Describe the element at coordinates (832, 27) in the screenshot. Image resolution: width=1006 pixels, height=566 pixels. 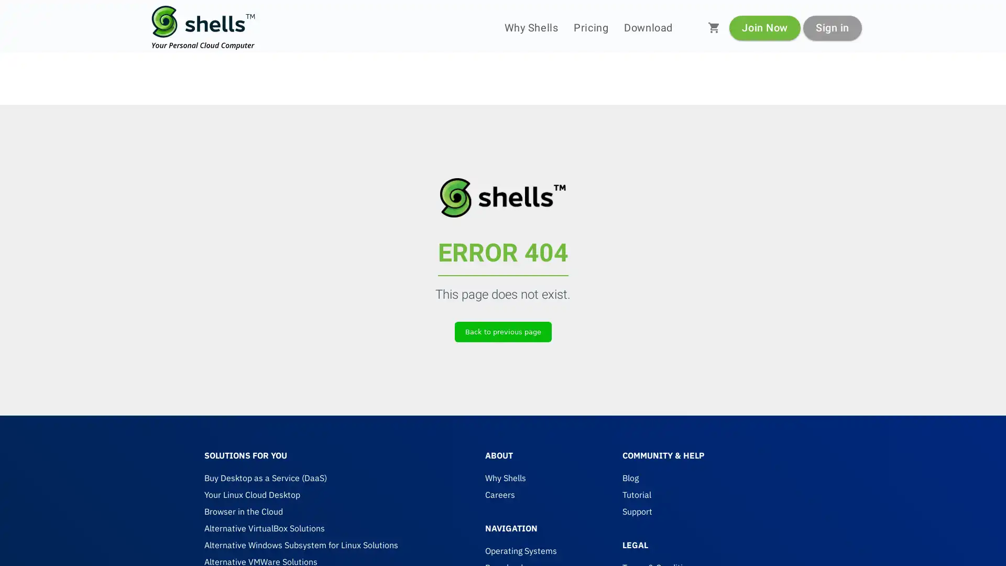
I see `Sign in` at that location.